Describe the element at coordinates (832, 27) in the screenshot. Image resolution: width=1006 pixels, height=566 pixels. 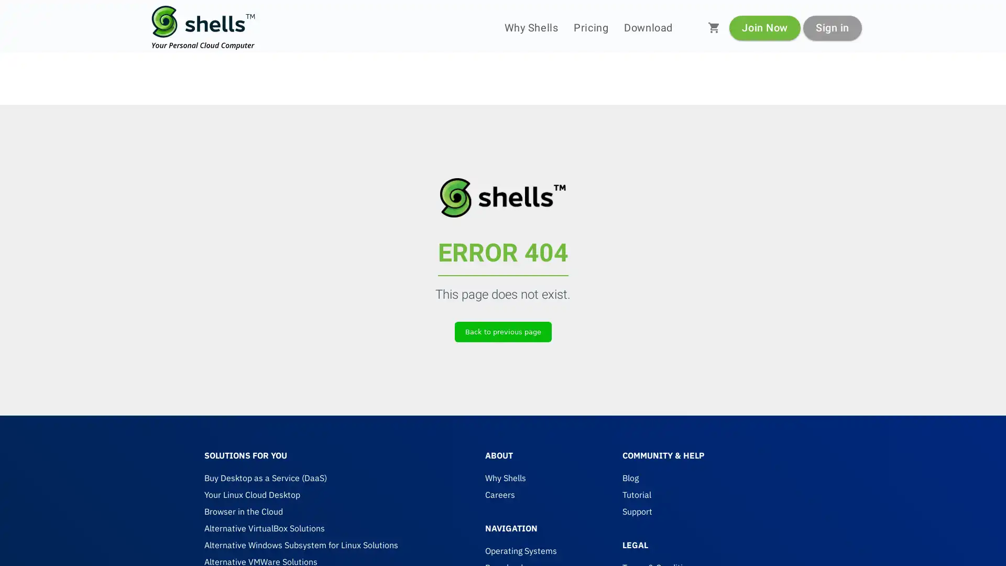
I see `Sign in` at that location.